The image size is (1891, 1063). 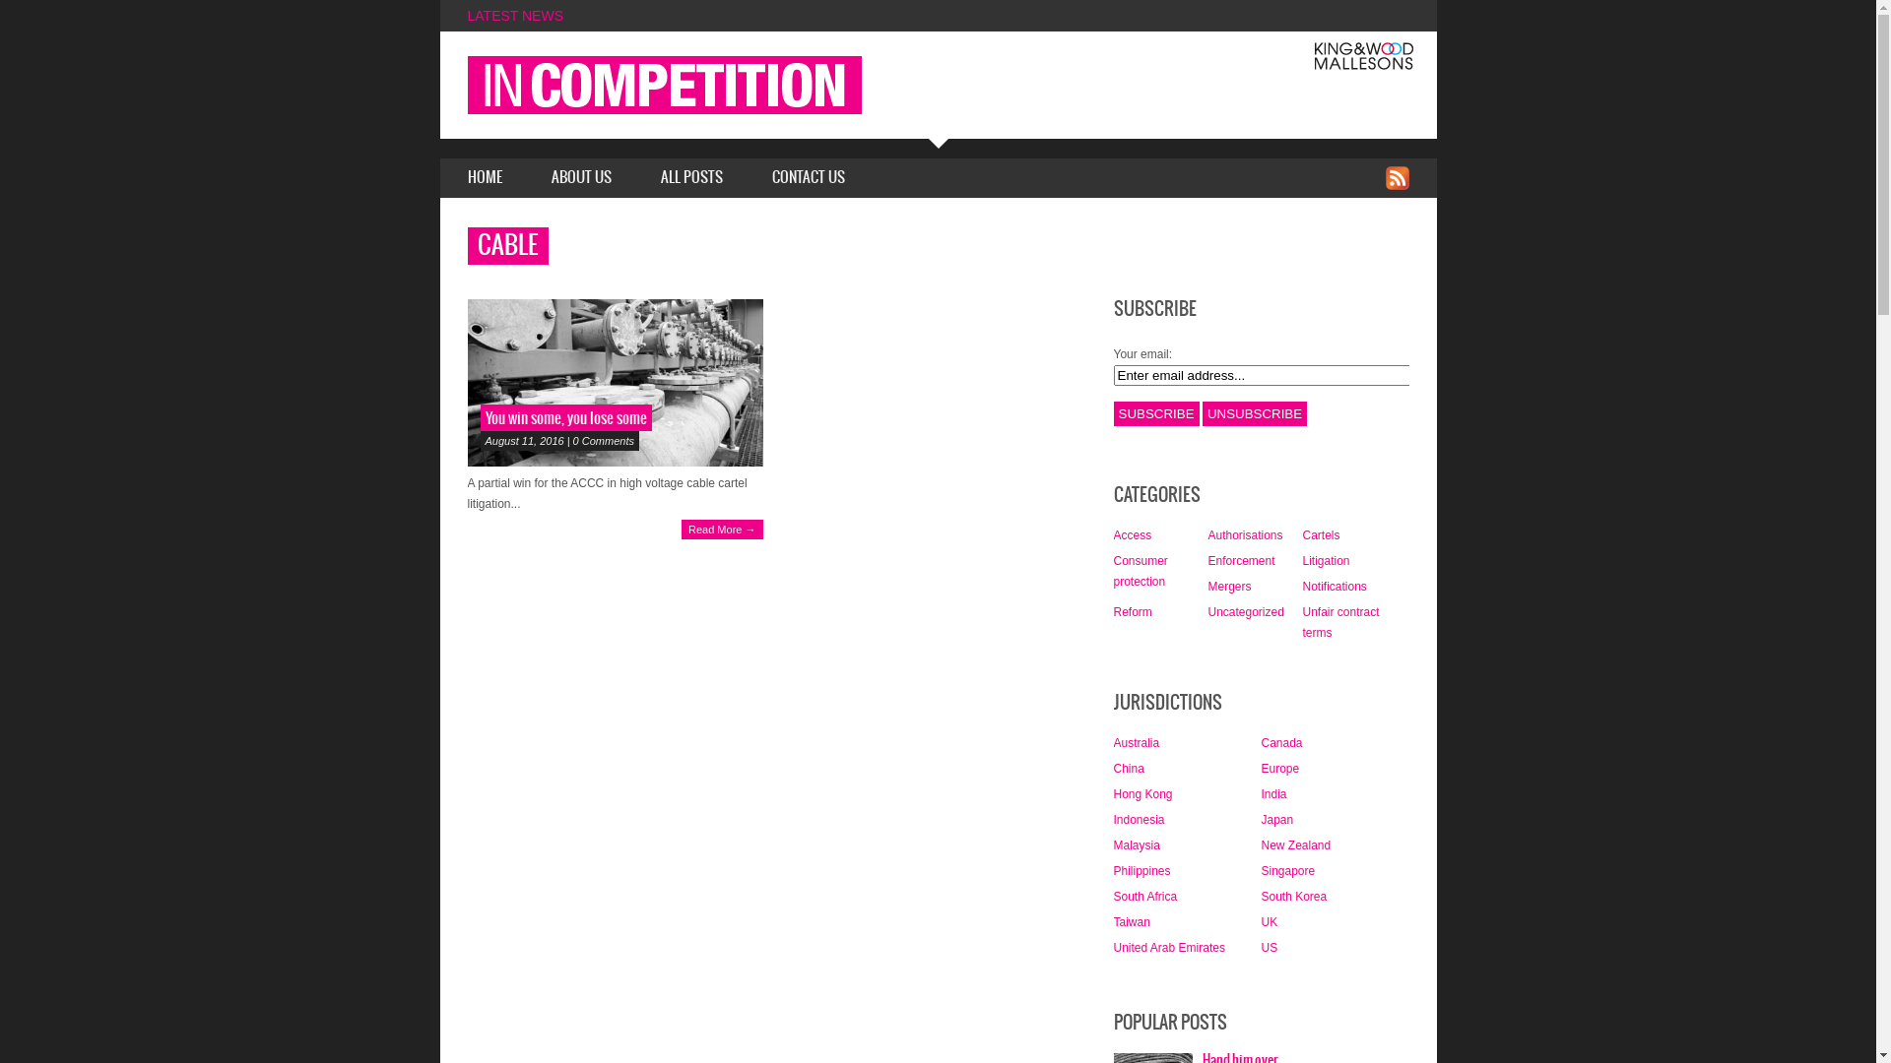 I want to click on 'You win some, you lose some', so click(x=614, y=383).